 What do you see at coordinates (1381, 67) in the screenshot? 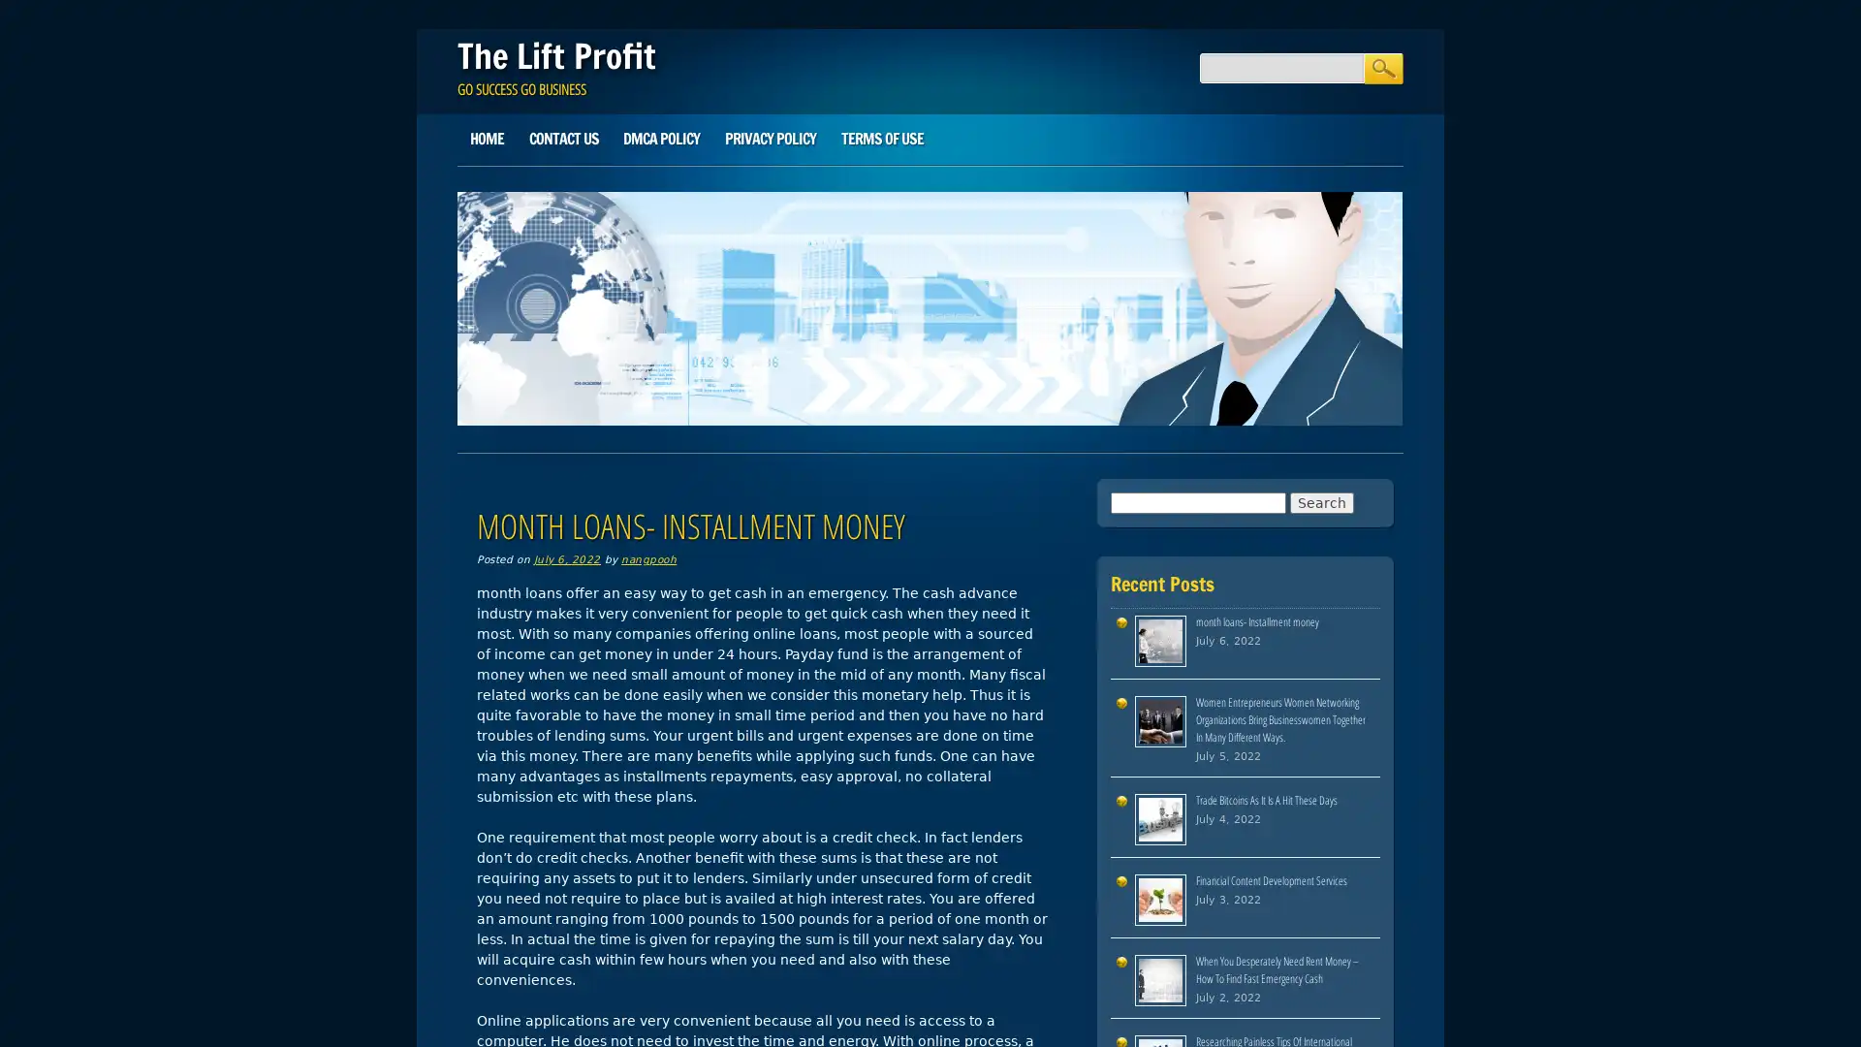
I see `Search` at bounding box center [1381, 67].